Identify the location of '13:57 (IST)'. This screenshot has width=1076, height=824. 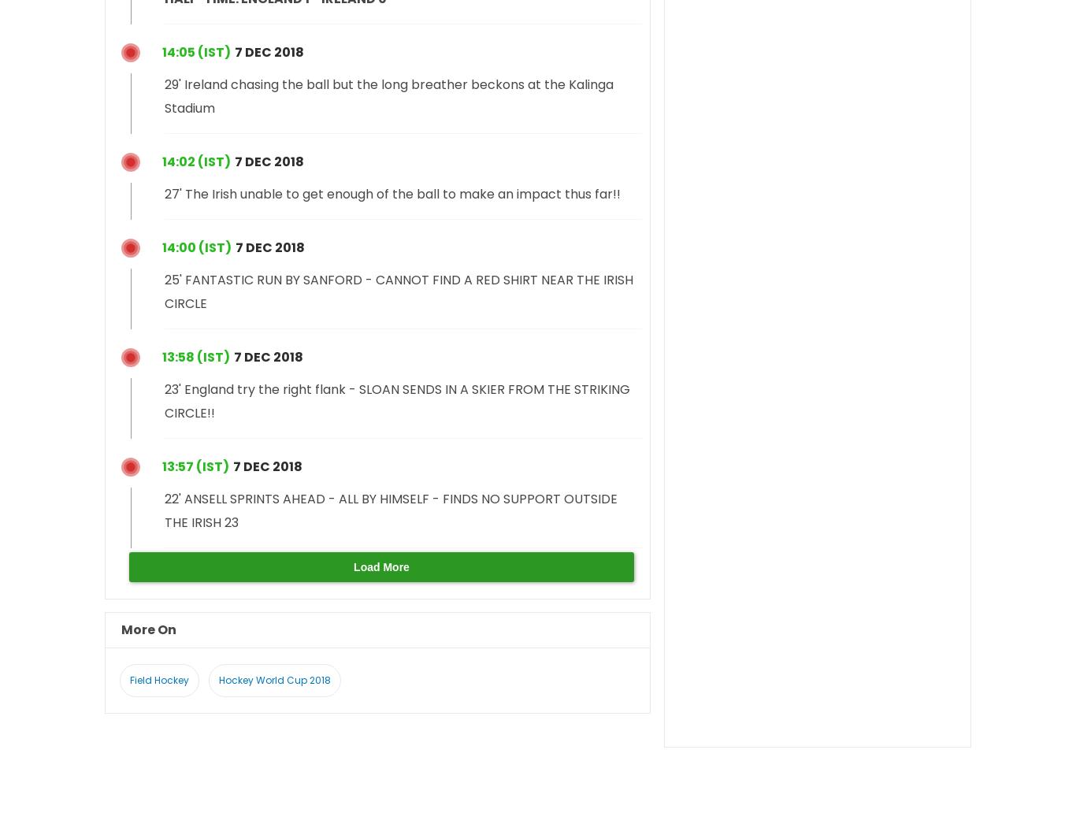
(195, 466).